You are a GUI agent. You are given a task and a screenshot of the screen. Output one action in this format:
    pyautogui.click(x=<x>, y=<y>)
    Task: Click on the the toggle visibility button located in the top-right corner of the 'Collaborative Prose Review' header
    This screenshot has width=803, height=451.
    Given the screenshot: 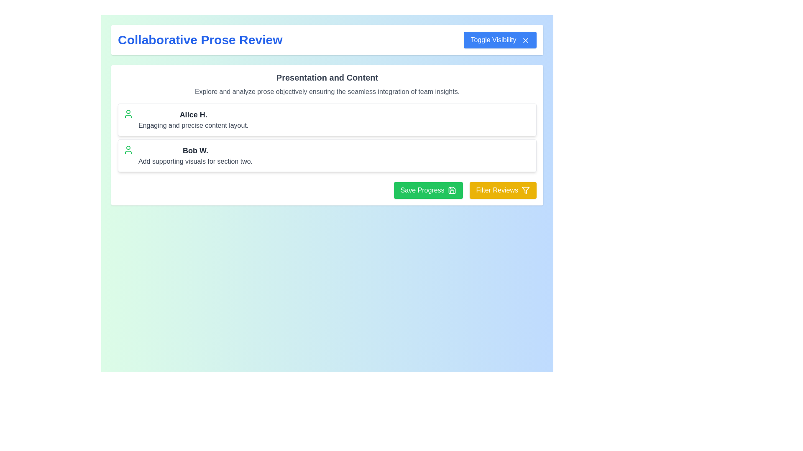 What is the action you would take?
    pyautogui.click(x=500, y=40)
    